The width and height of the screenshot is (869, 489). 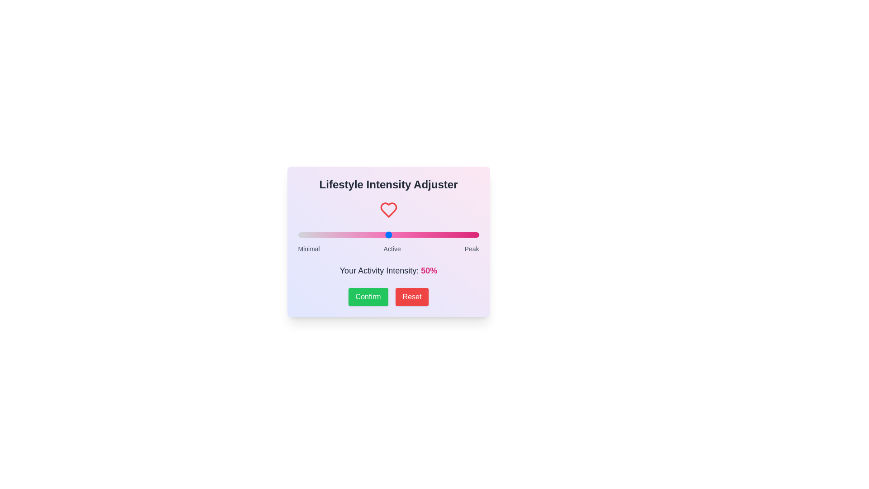 What do you see at coordinates (404, 235) in the screenshot?
I see `the slider to set the intensity to 59%` at bounding box center [404, 235].